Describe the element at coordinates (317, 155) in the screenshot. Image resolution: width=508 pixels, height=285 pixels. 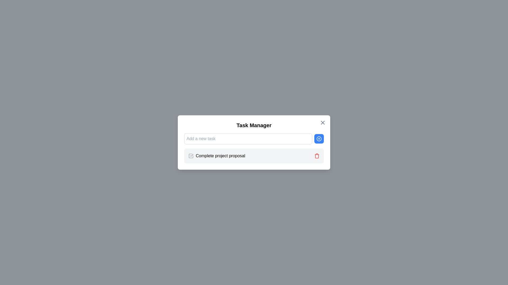
I see `the small red trash bin icon located on the right side of the 'Complete project proposal' text to invoke the delete action` at that location.